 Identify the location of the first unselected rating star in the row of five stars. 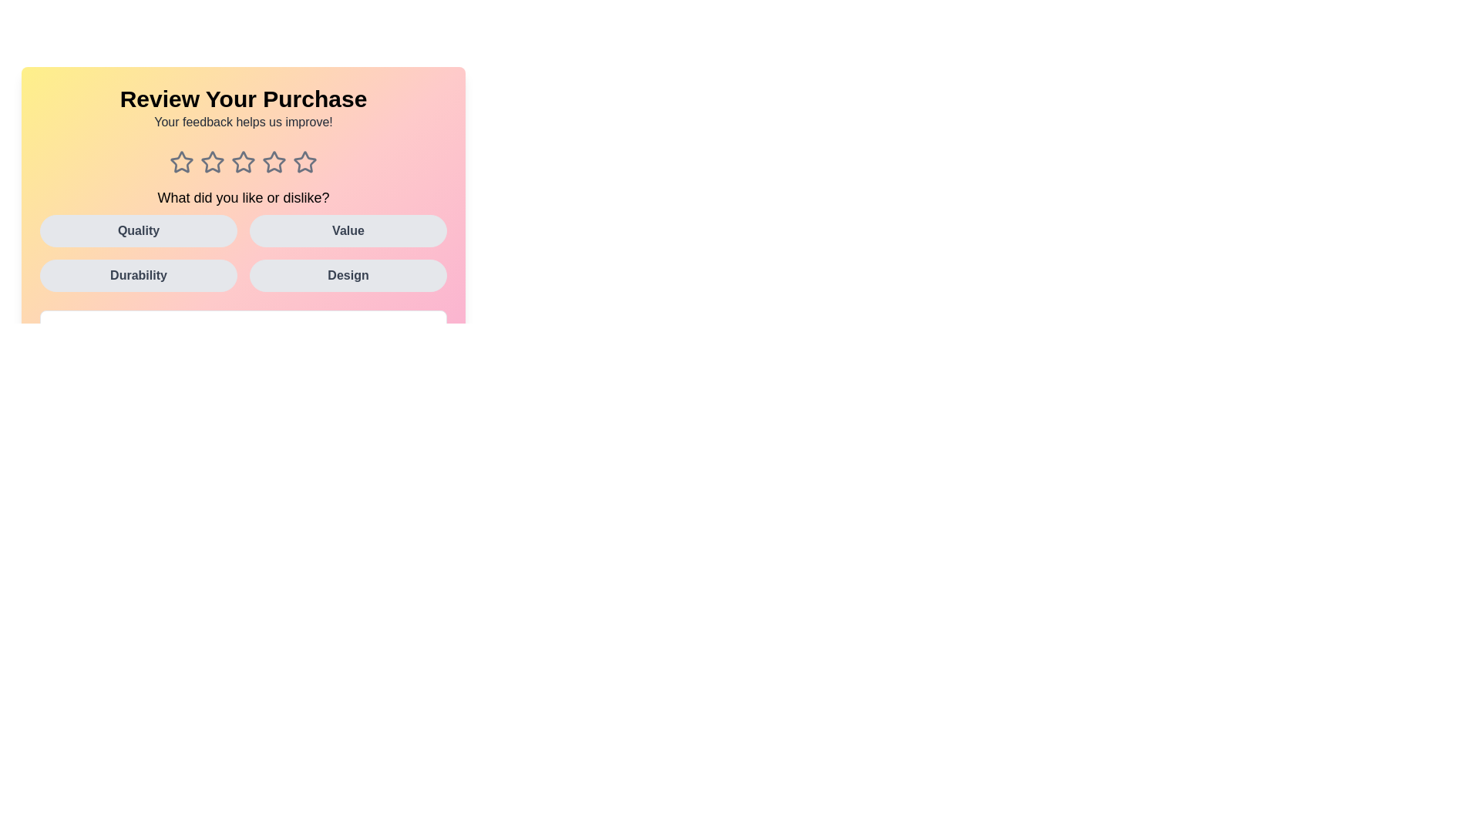
(181, 162).